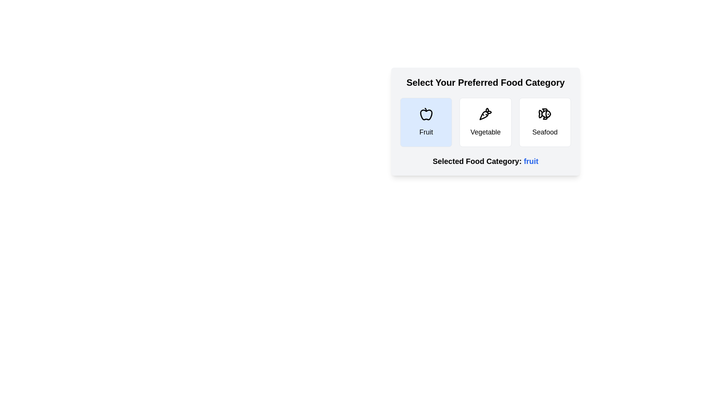 The width and height of the screenshot is (725, 408). What do you see at coordinates (426, 132) in the screenshot?
I see `the 'Fruit' text label element, which is styled in a noticeable font and positioned within a blue-shaded clickable card below an apple icon` at bounding box center [426, 132].